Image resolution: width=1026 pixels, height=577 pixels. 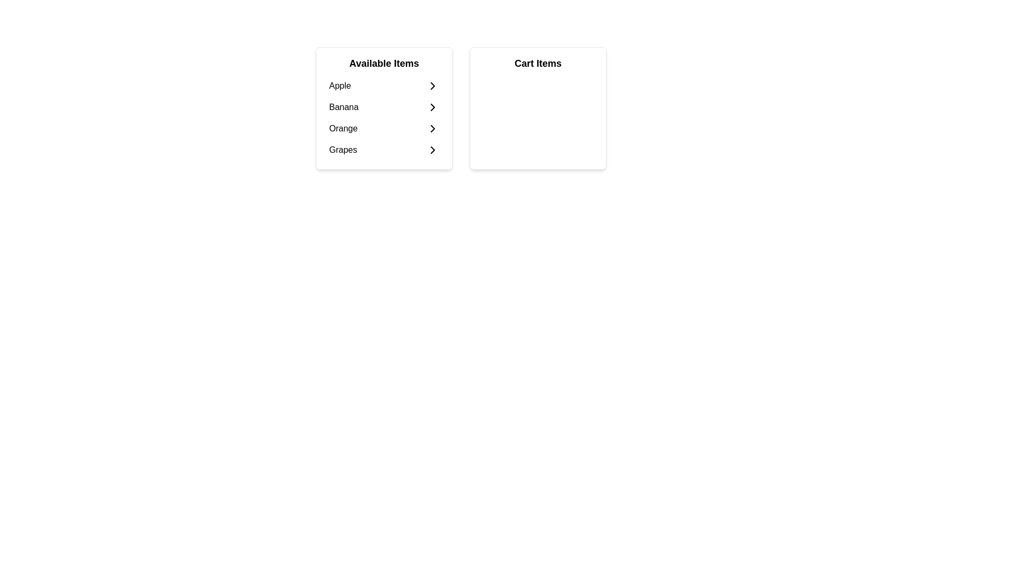 What do you see at coordinates (384, 107) in the screenshot?
I see `the 'Banana' button, which is the second item in the 'Available Items' section` at bounding box center [384, 107].